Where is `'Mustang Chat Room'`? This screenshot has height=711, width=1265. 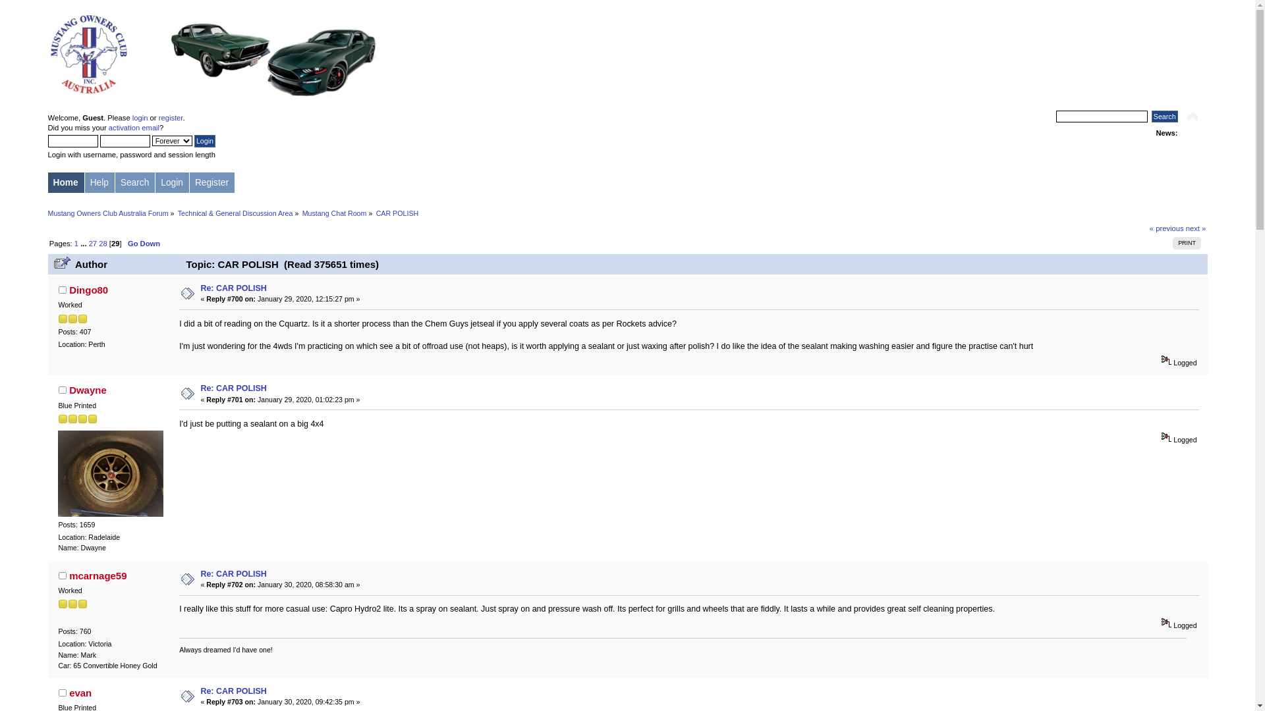
'Mustang Chat Room' is located at coordinates (335, 213).